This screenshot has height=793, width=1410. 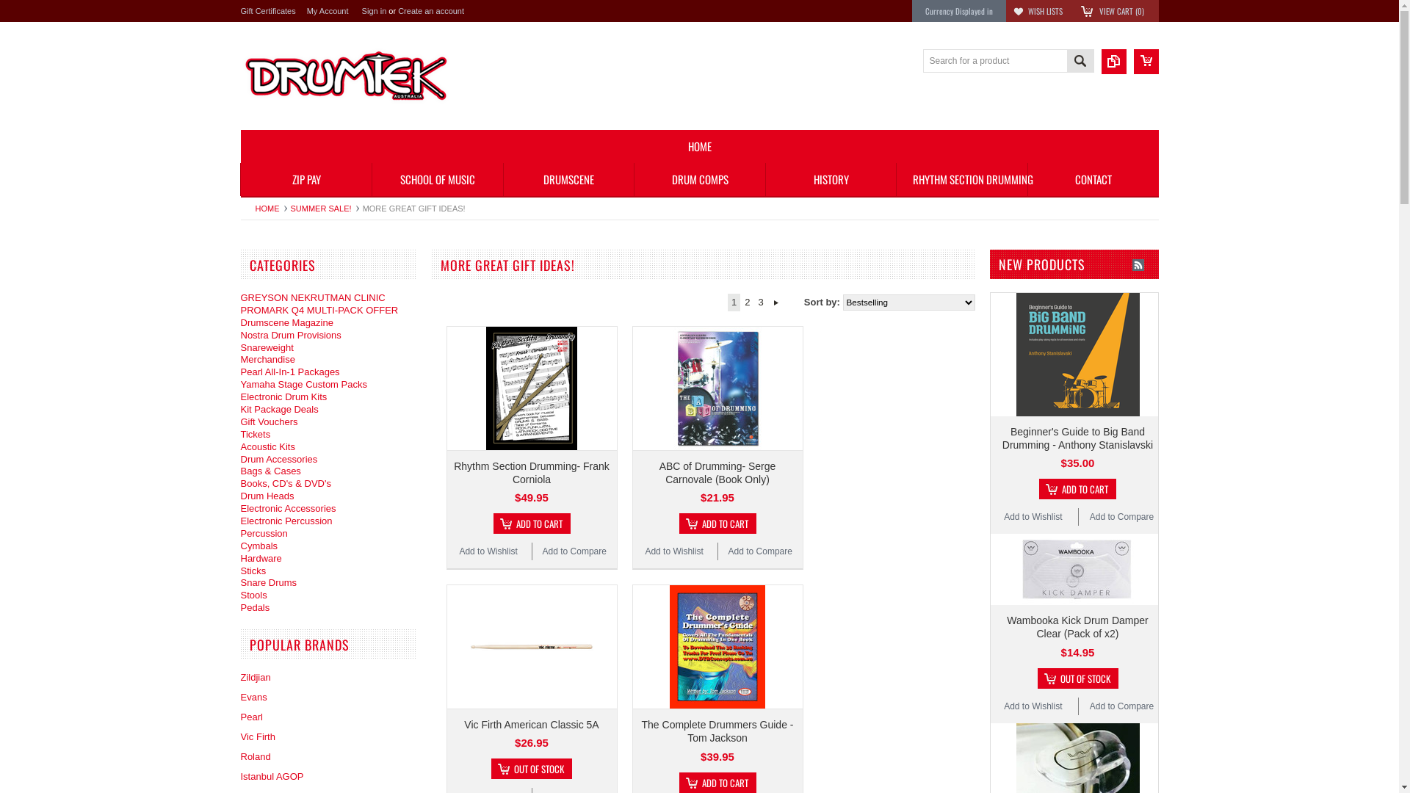 What do you see at coordinates (269, 421) in the screenshot?
I see `'Gift Vouchers'` at bounding box center [269, 421].